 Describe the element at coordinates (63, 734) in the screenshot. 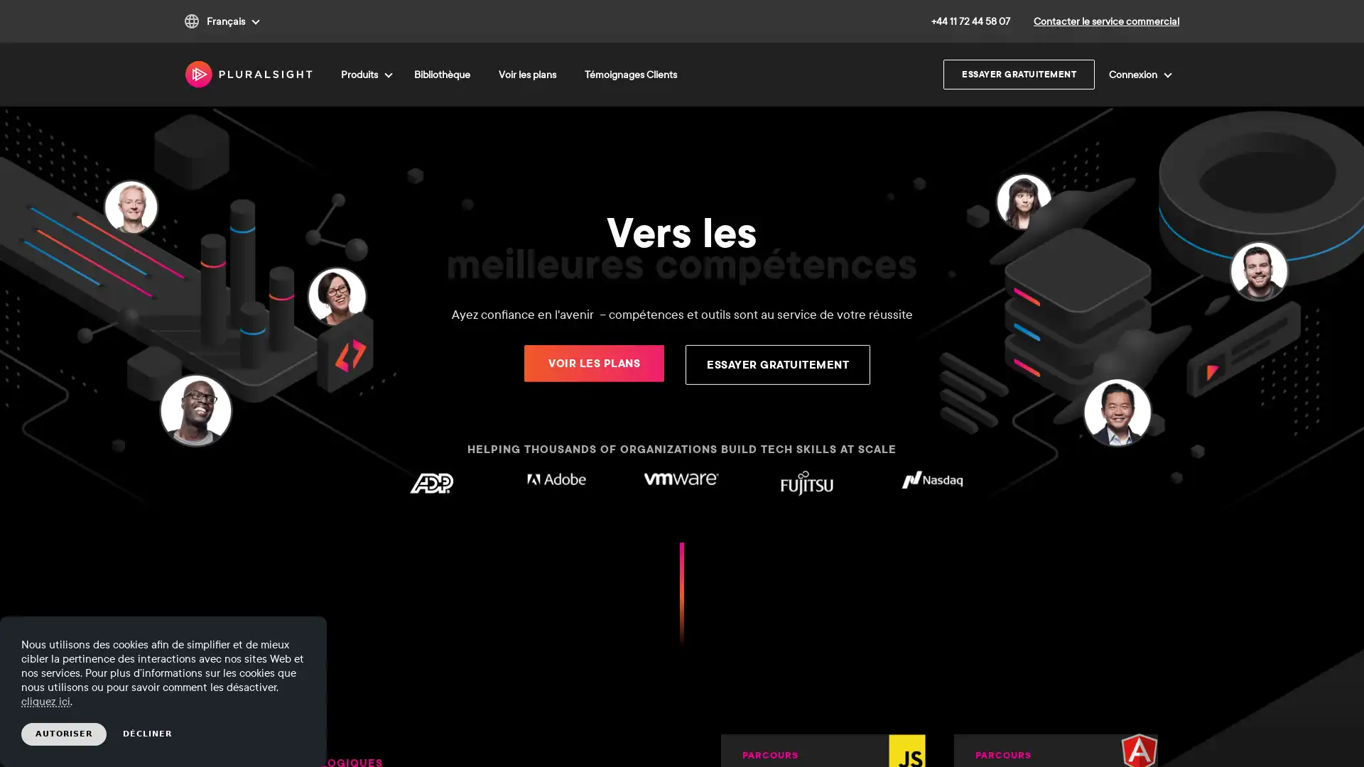

I see `AUTORISER` at that location.